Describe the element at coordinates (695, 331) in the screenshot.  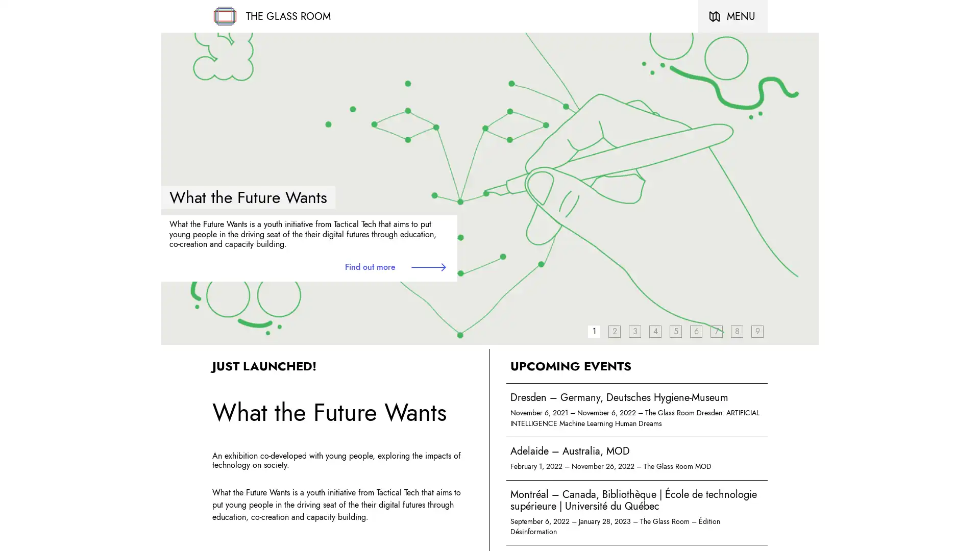
I see `slide item 6` at that location.